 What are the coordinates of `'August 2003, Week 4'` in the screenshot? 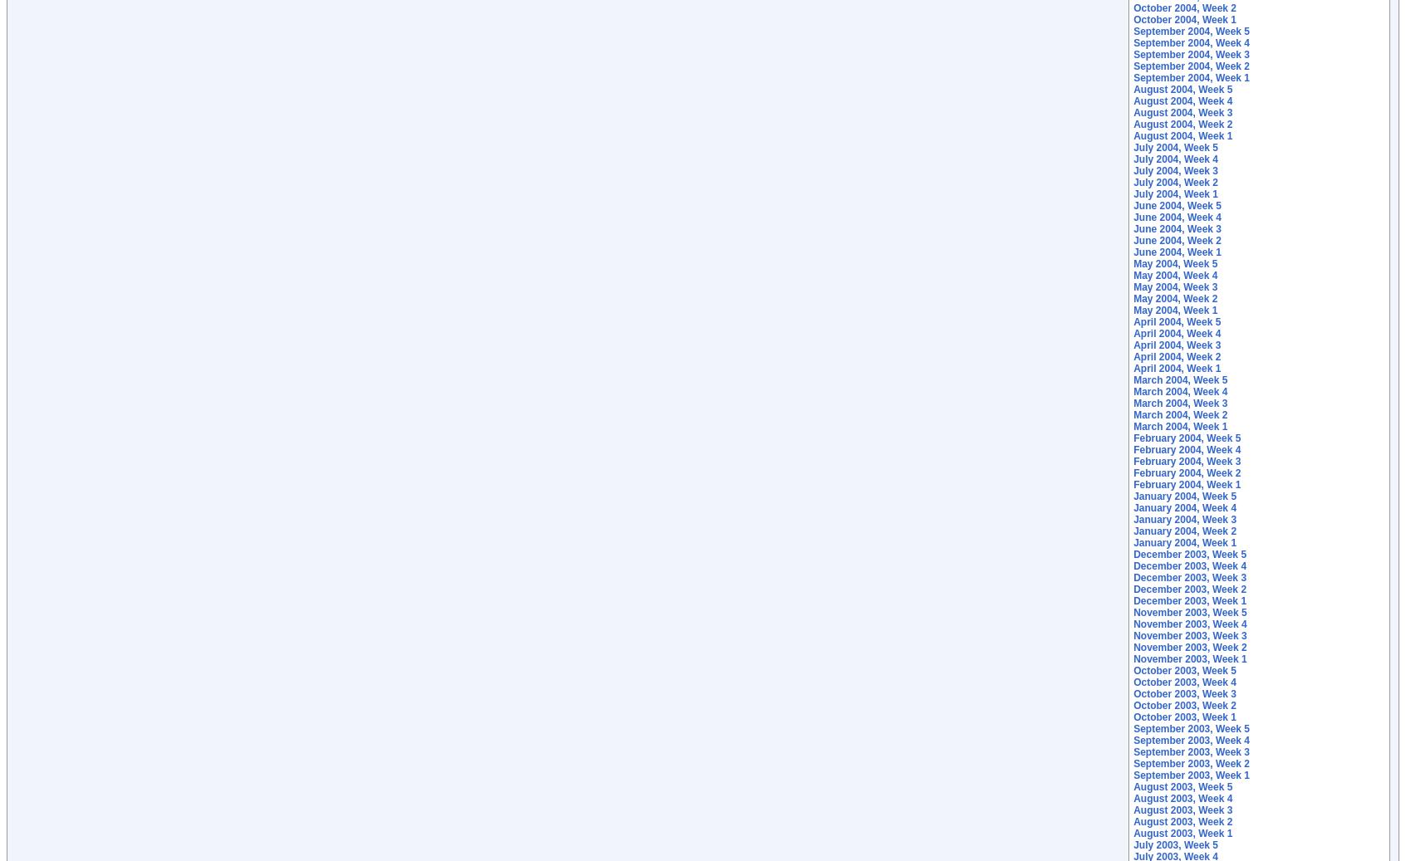 It's located at (1182, 799).